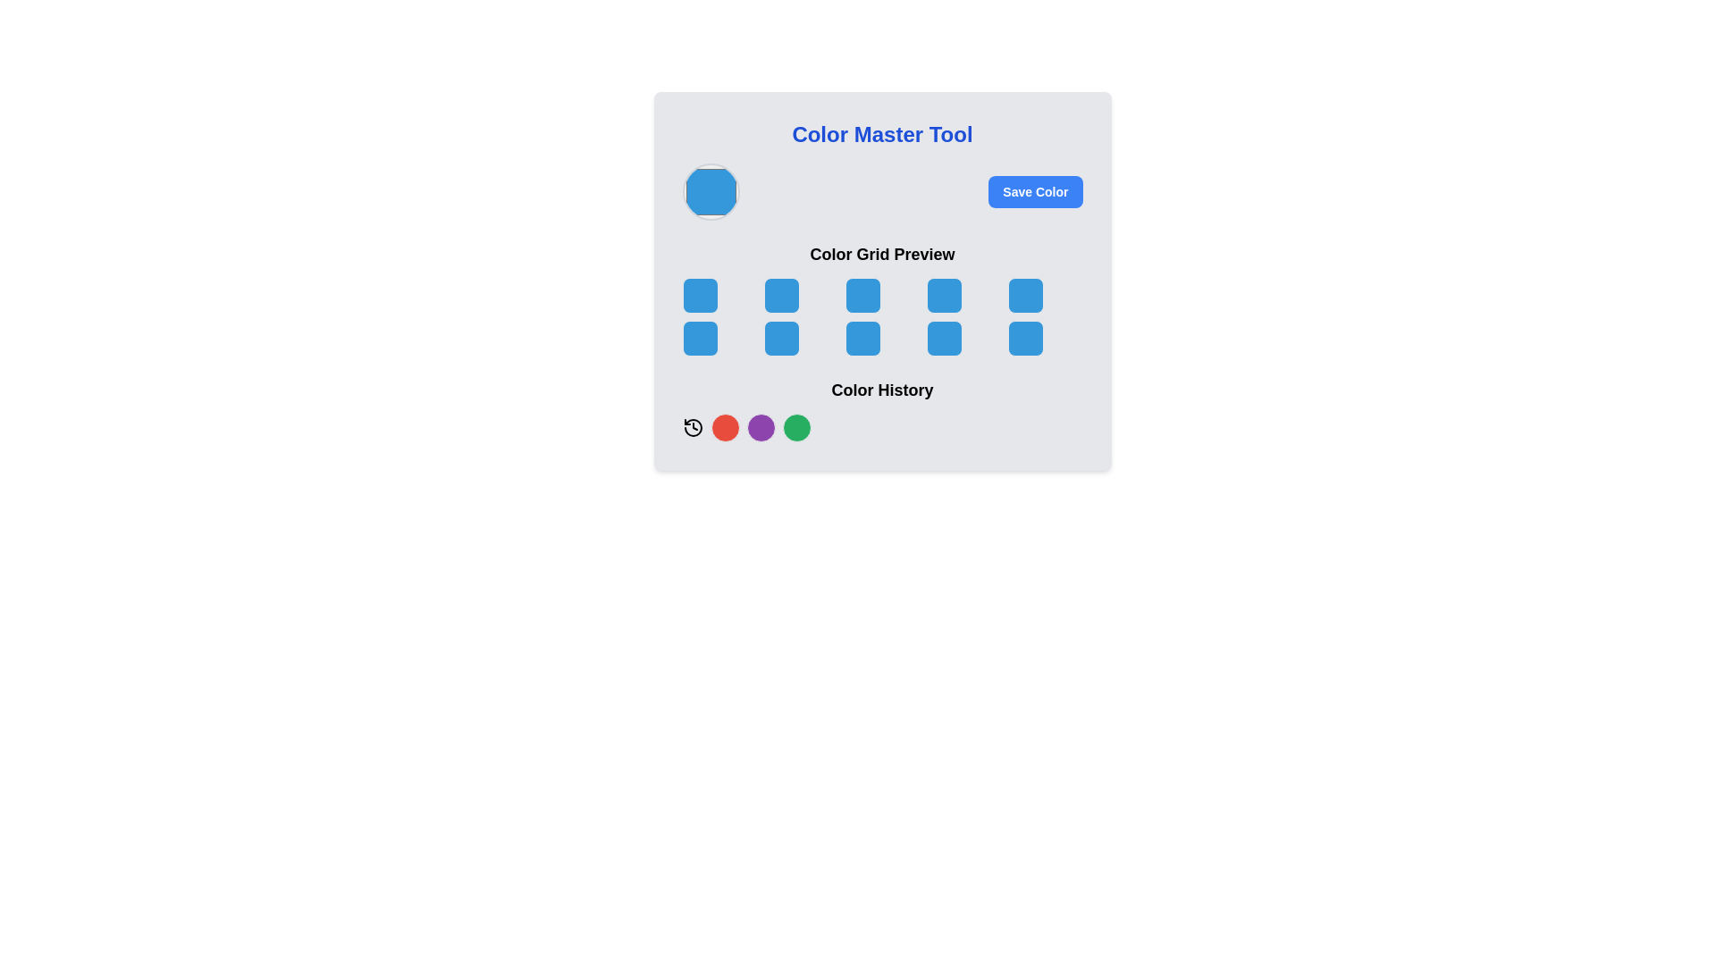 This screenshot has height=965, width=1716. What do you see at coordinates (692, 427) in the screenshot?
I see `the first circular icon in the 'Color History' section` at bounding box center [692, 427].